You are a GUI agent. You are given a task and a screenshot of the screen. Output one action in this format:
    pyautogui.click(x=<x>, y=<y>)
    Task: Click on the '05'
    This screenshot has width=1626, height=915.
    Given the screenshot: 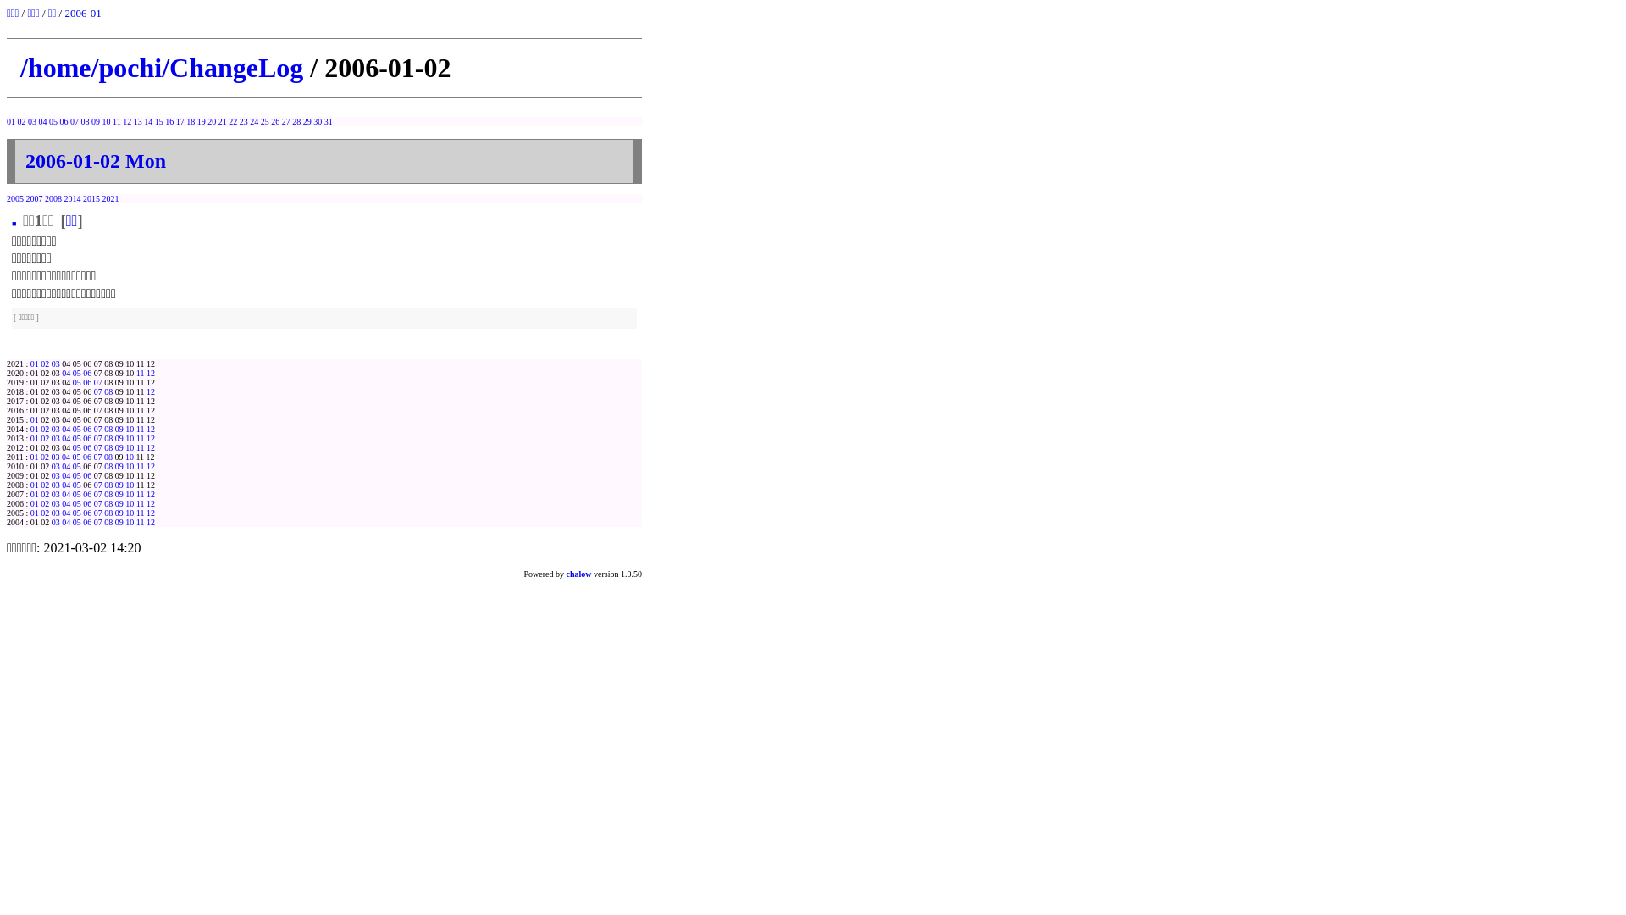 What is the action you would take?
    pyautogui.click(x=53, y=120)
    